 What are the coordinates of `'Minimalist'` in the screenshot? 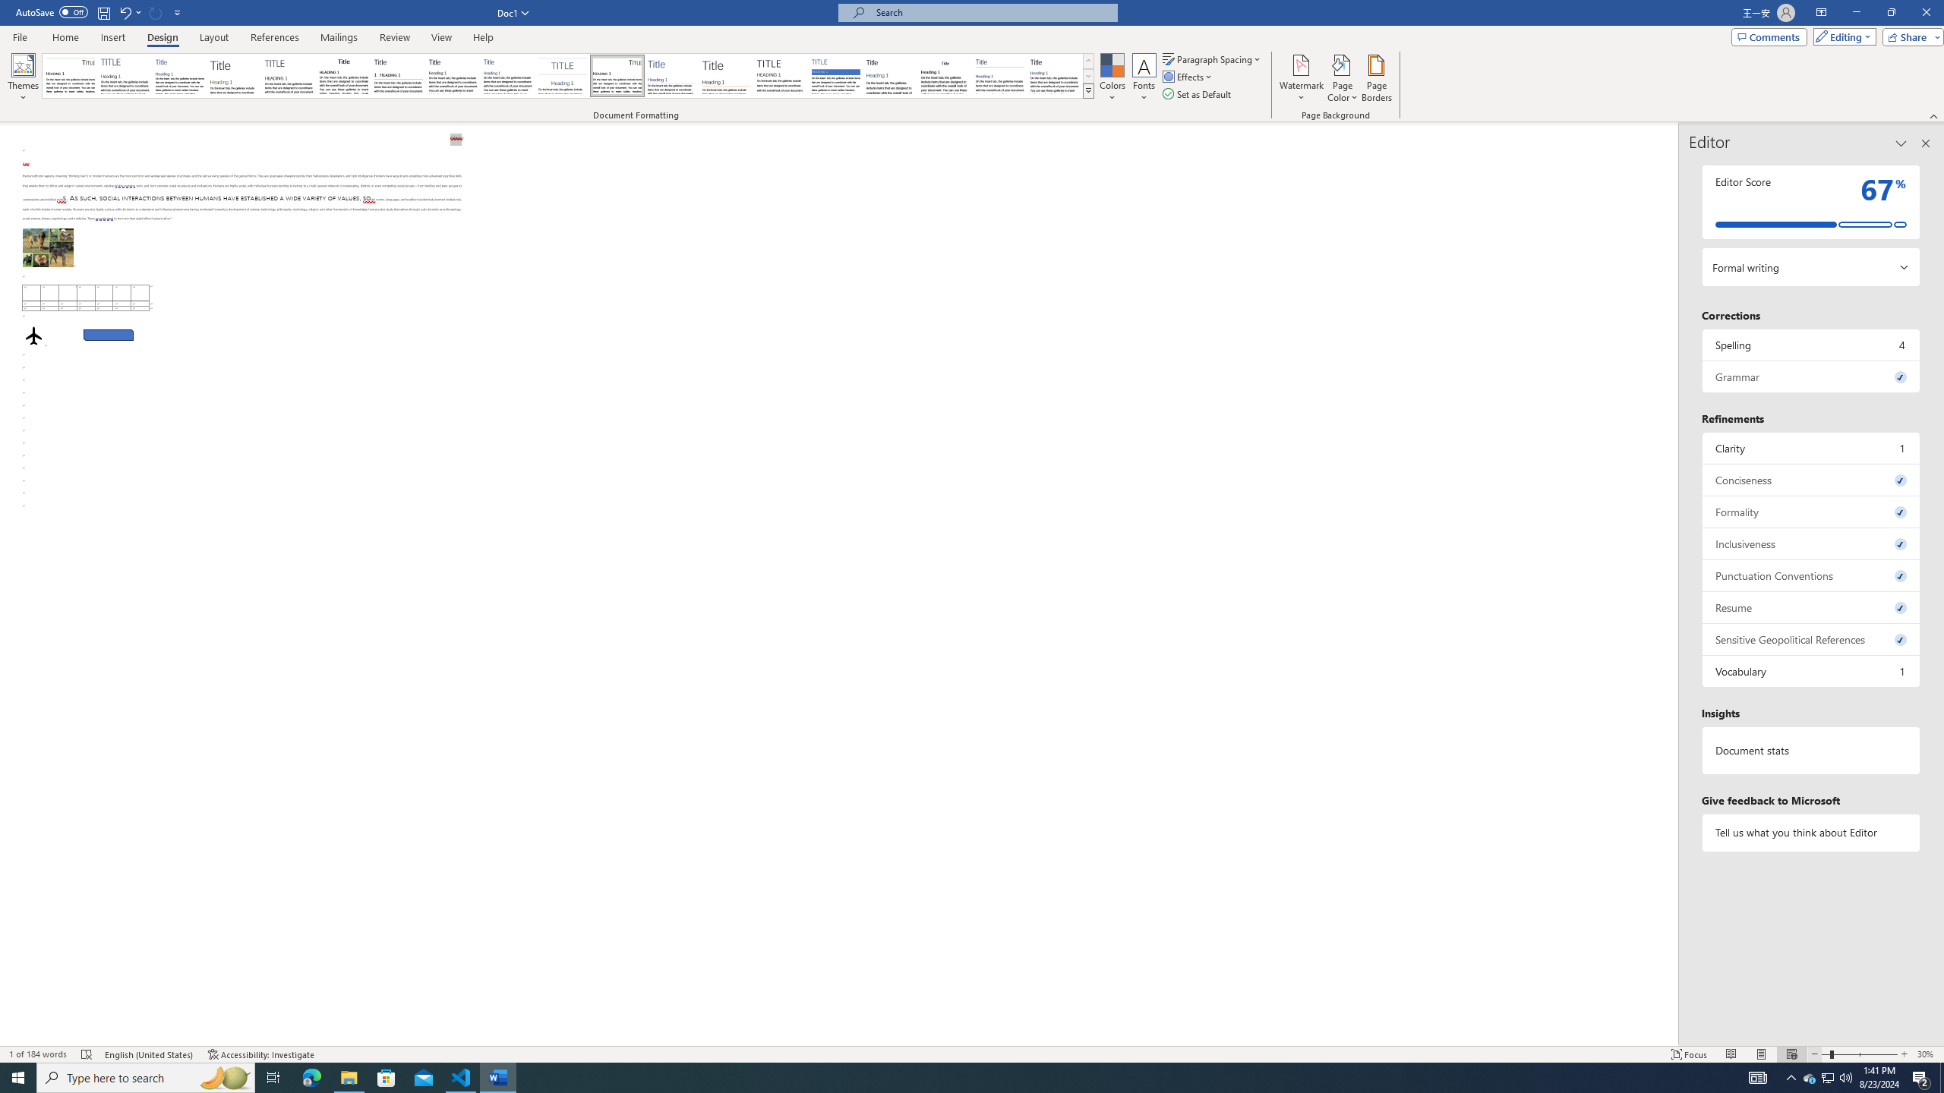 It's located at (781, 75).